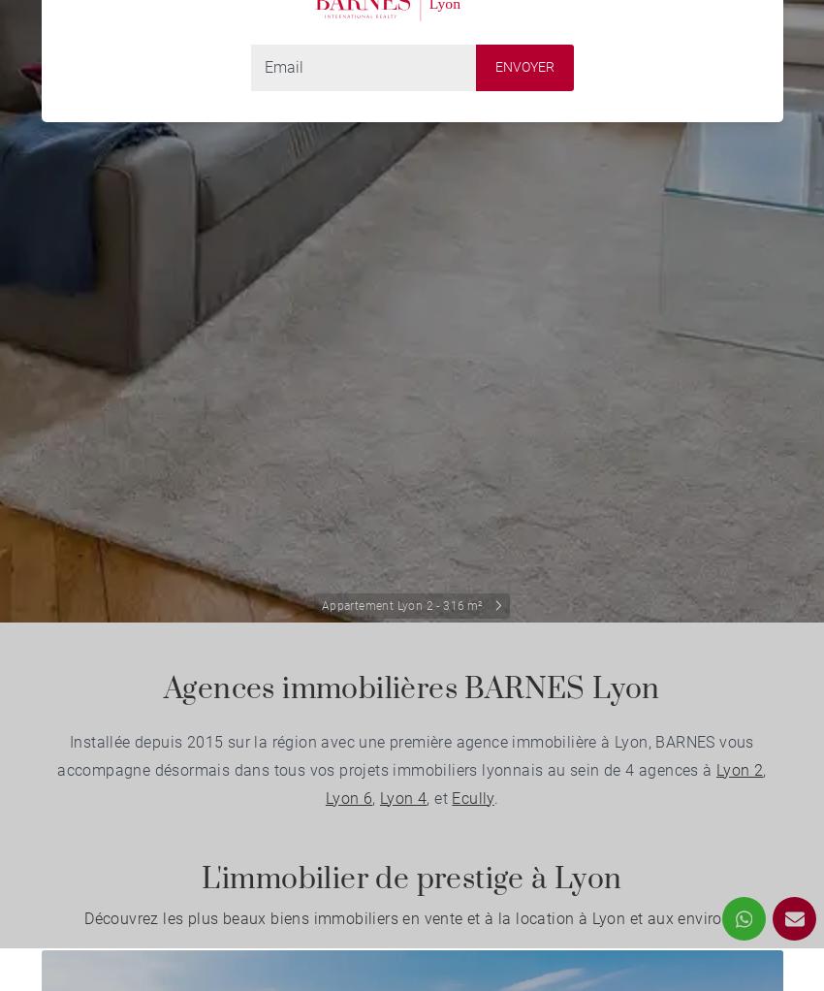 The image size is (824, 991). What do you see at coordinates (411, 918) in the screenshot?
I see `'Découvrez les plus beaux biens immobiliers en vente et à la location à Lyon et aux environs'` at bounding box center [411, 918].